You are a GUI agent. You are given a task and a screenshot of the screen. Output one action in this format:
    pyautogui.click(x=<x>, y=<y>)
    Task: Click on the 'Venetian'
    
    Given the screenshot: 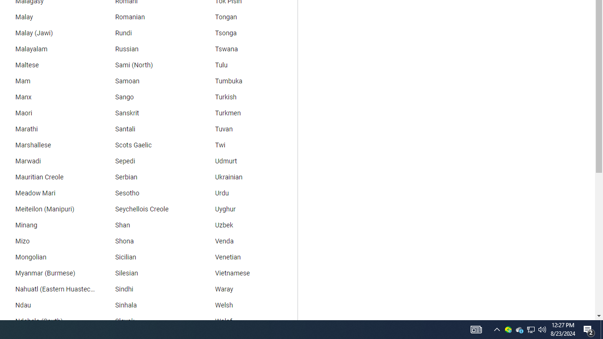 What is the action you would take?
    pyautogui.click(x=247, y=258)
    